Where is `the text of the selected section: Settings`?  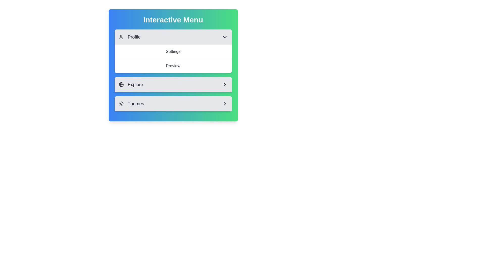 the text of the selected section: Settings is located at coordinates (173, 51).